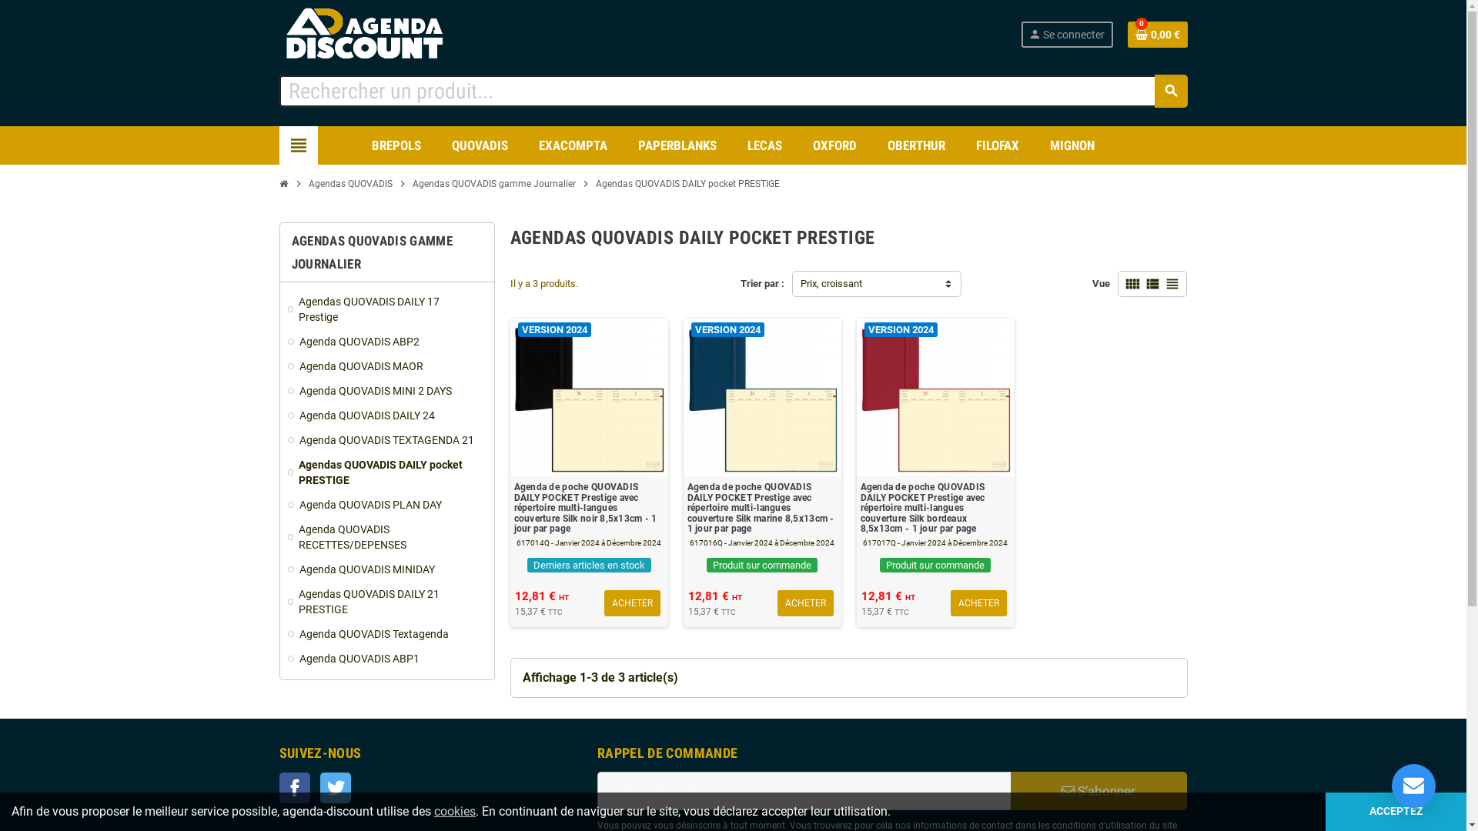 The width and height of the screenshot is (1478, 831). Describe the element at coordinates (387, 415) in the screenshot. I see `'Agenda QUOVADIS DAILY 24'` at that location.